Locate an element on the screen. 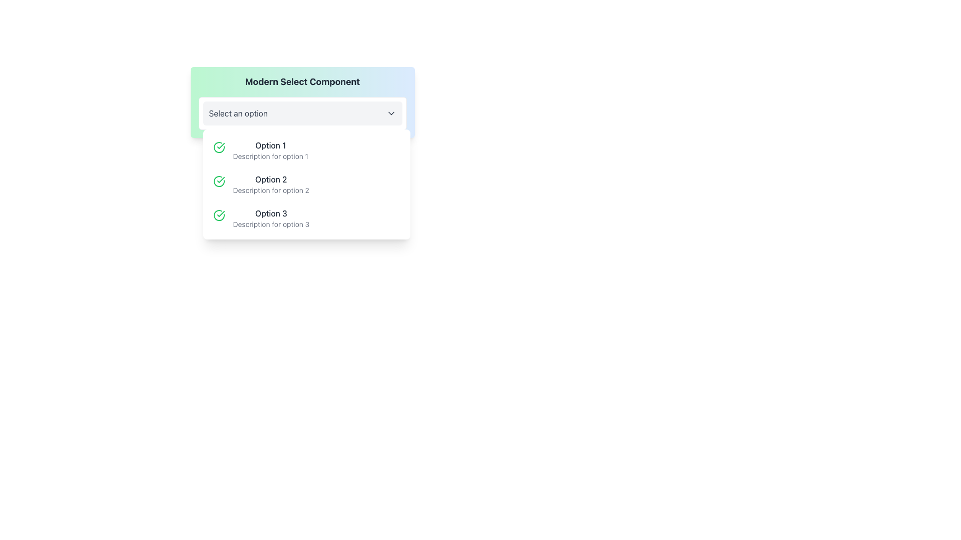  an option from the dropdown menu labeled 'Select an option' located below 'Modern Select Component' by clicking on it to open the list is located at coordinates (302, 102).